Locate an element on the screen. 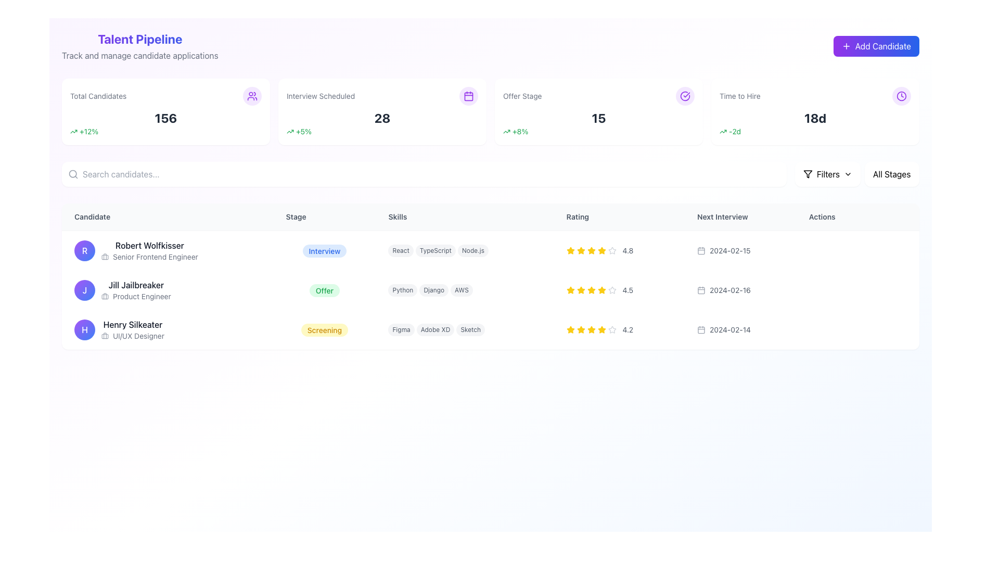  the yellow star icon representing the rating for 'Robert Wolfkisser' in the first row of the 'Rating' column is located at coordinates (591, 250).